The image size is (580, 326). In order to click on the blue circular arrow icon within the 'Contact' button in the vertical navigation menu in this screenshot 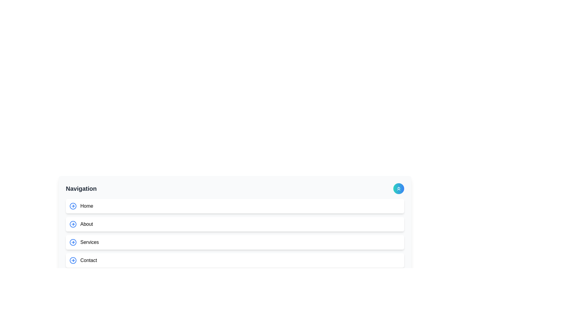, I will do `click(72, 260)`.